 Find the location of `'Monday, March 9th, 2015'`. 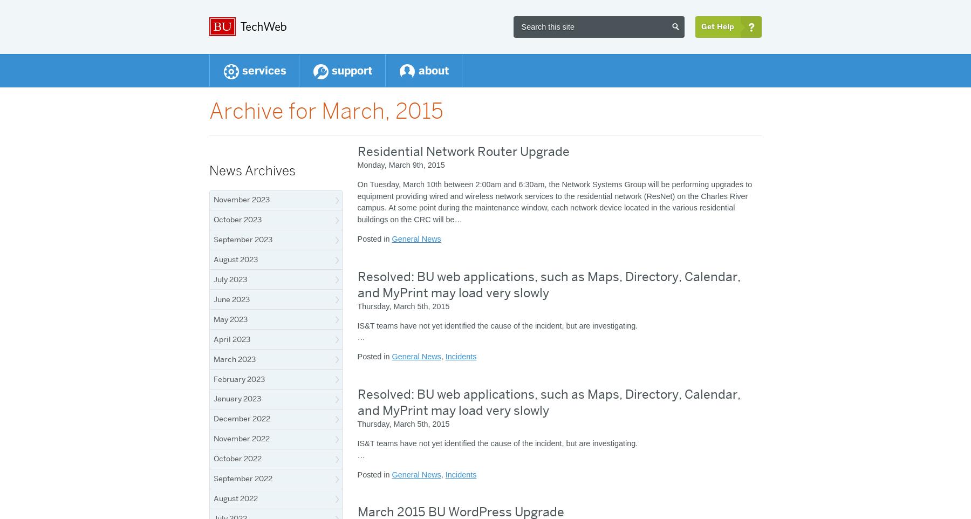

'Monday, March 9th, 2015' is located at coordinates (400, 165).